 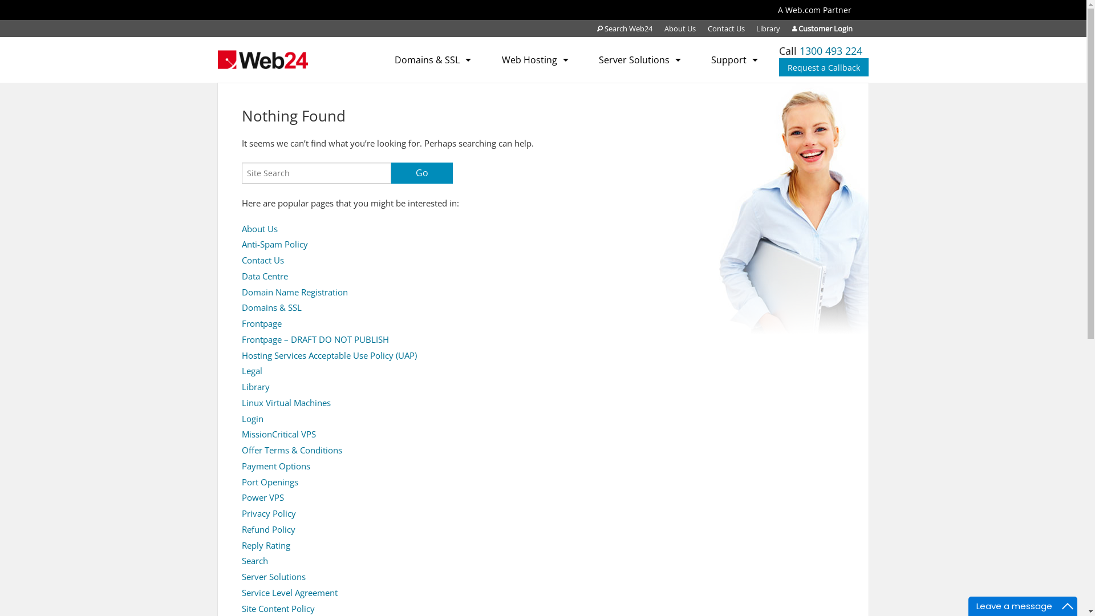 I want to click on 'Support', so click(x=735, y=59).